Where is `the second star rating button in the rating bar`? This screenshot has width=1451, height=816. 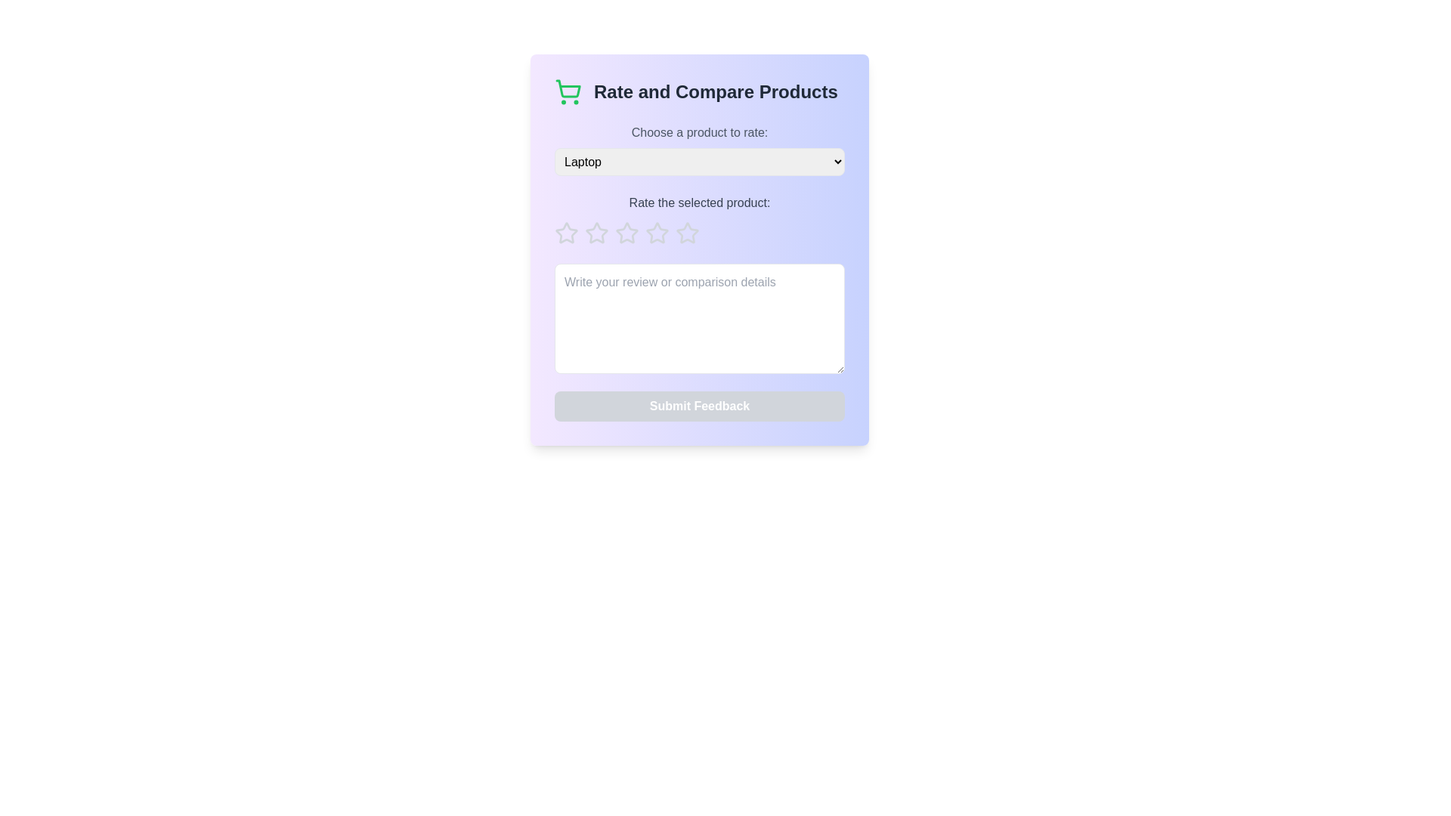 the second star rating button in the rating bar is located at coordinates (627, 233).